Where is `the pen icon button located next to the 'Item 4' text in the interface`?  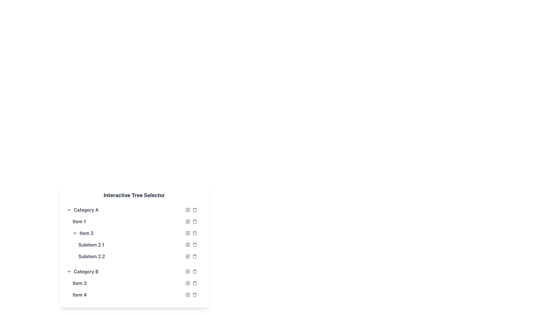
the pen icon button located next to the 'Item 4' text in the interface is located at coordinates (188, 295).